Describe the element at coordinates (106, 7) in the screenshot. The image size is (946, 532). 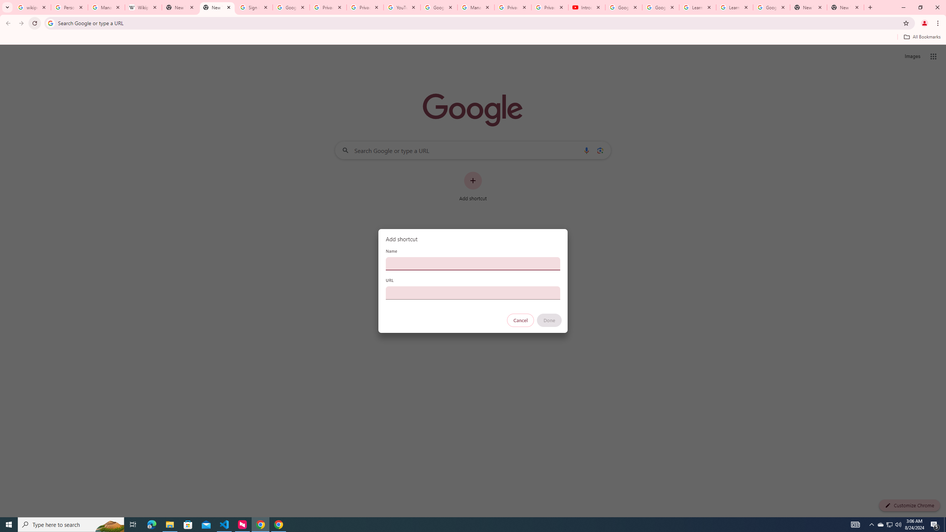
I see `'Manage your Location History - Google Search Help'` at that location.